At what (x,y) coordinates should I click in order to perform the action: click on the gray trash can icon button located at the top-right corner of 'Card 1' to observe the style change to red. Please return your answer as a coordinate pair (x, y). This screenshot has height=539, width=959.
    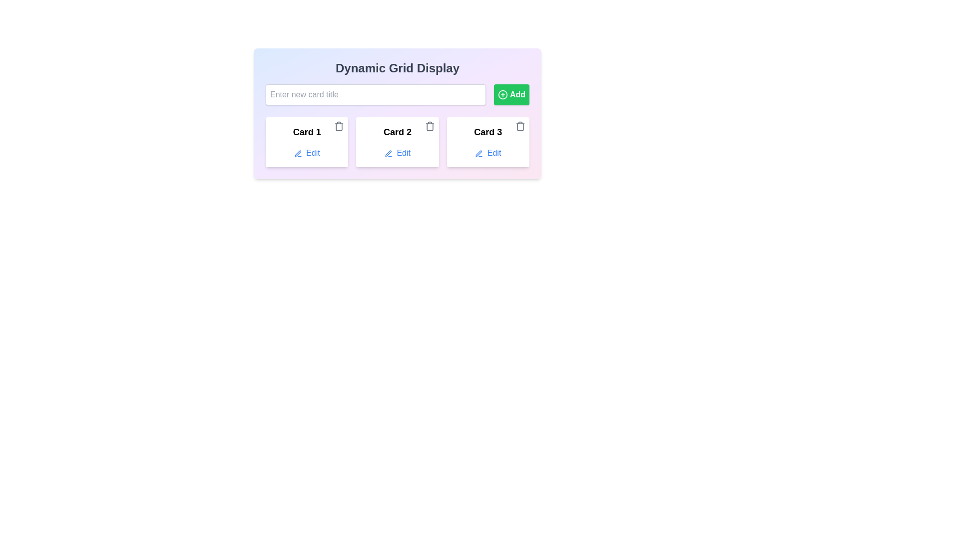
    Looking at the image, I should click on (339, 126).